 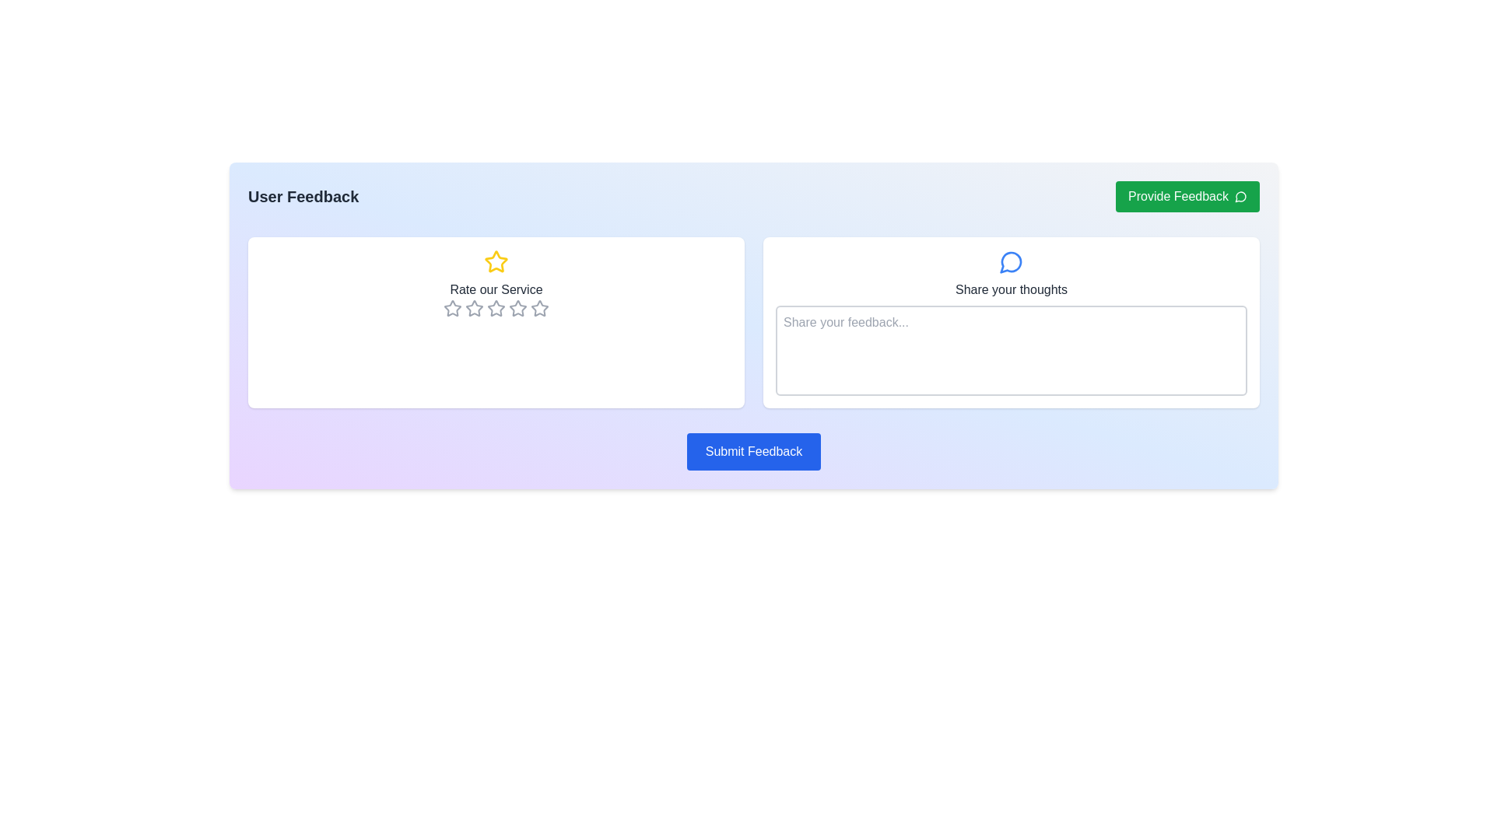 I want to click on the fourth rating star icon, so click(x=540, y=308).